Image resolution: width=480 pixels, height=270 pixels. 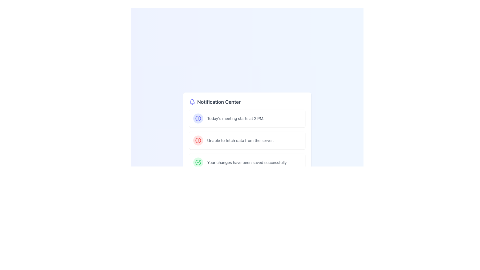 What do you see at coordinates (198, 162) in the screenshot?
I see `the confirmation icon located adjacent to the text 'Your changes have been saved successfully' in the rightmost notification item` at bounding box center [198, 162].